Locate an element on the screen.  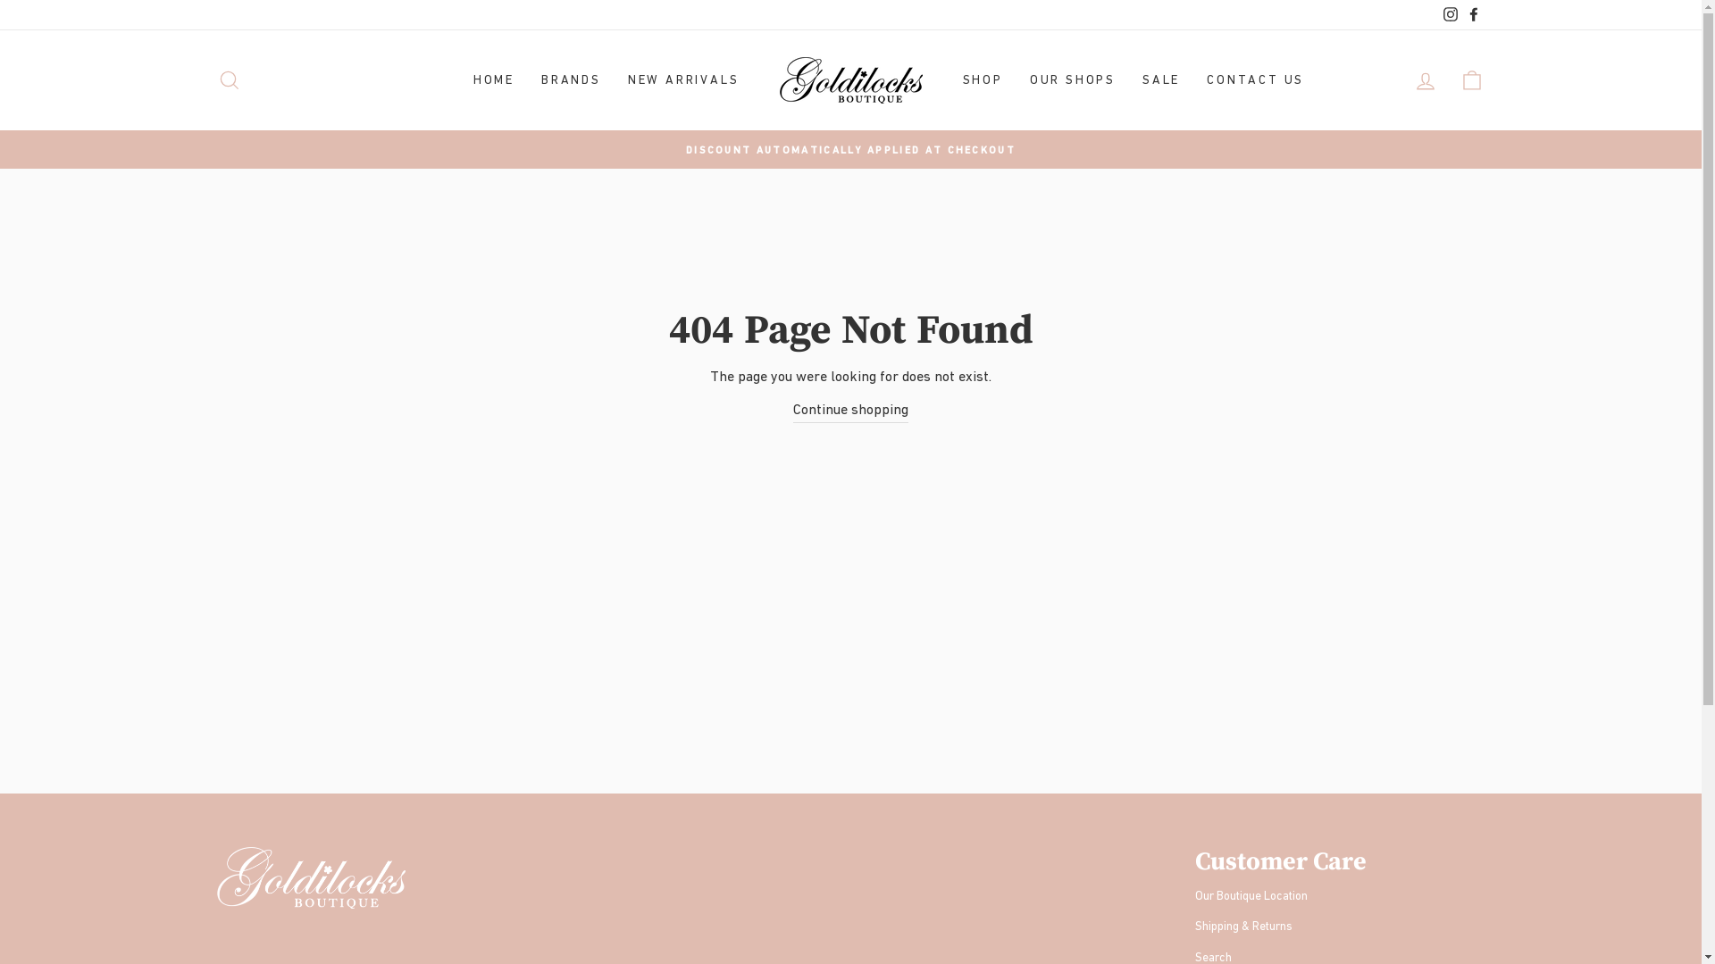
'CONTACT US' is located at coordinates (1254, 80).